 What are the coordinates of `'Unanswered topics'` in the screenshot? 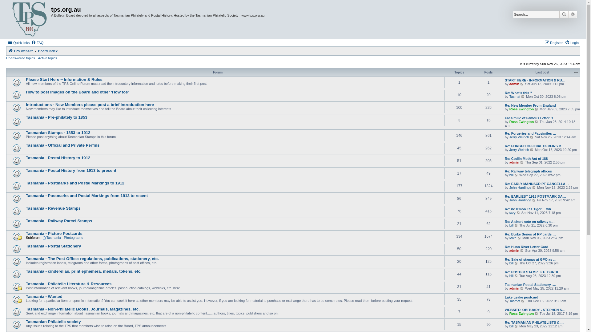 It's located at (21, 58).